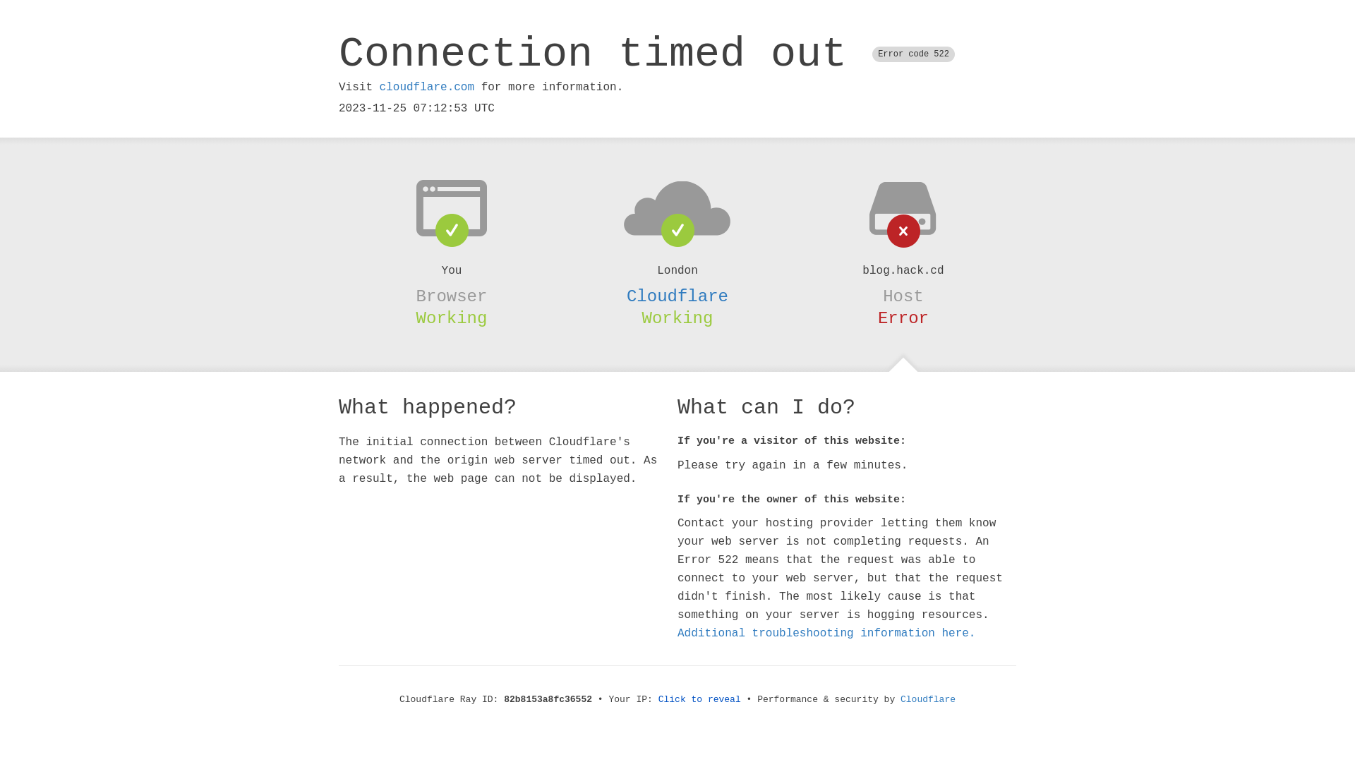 The height and width of the screenshot is (762, 1355). I want to click on 'cloudflare.com', so click(426, 87).